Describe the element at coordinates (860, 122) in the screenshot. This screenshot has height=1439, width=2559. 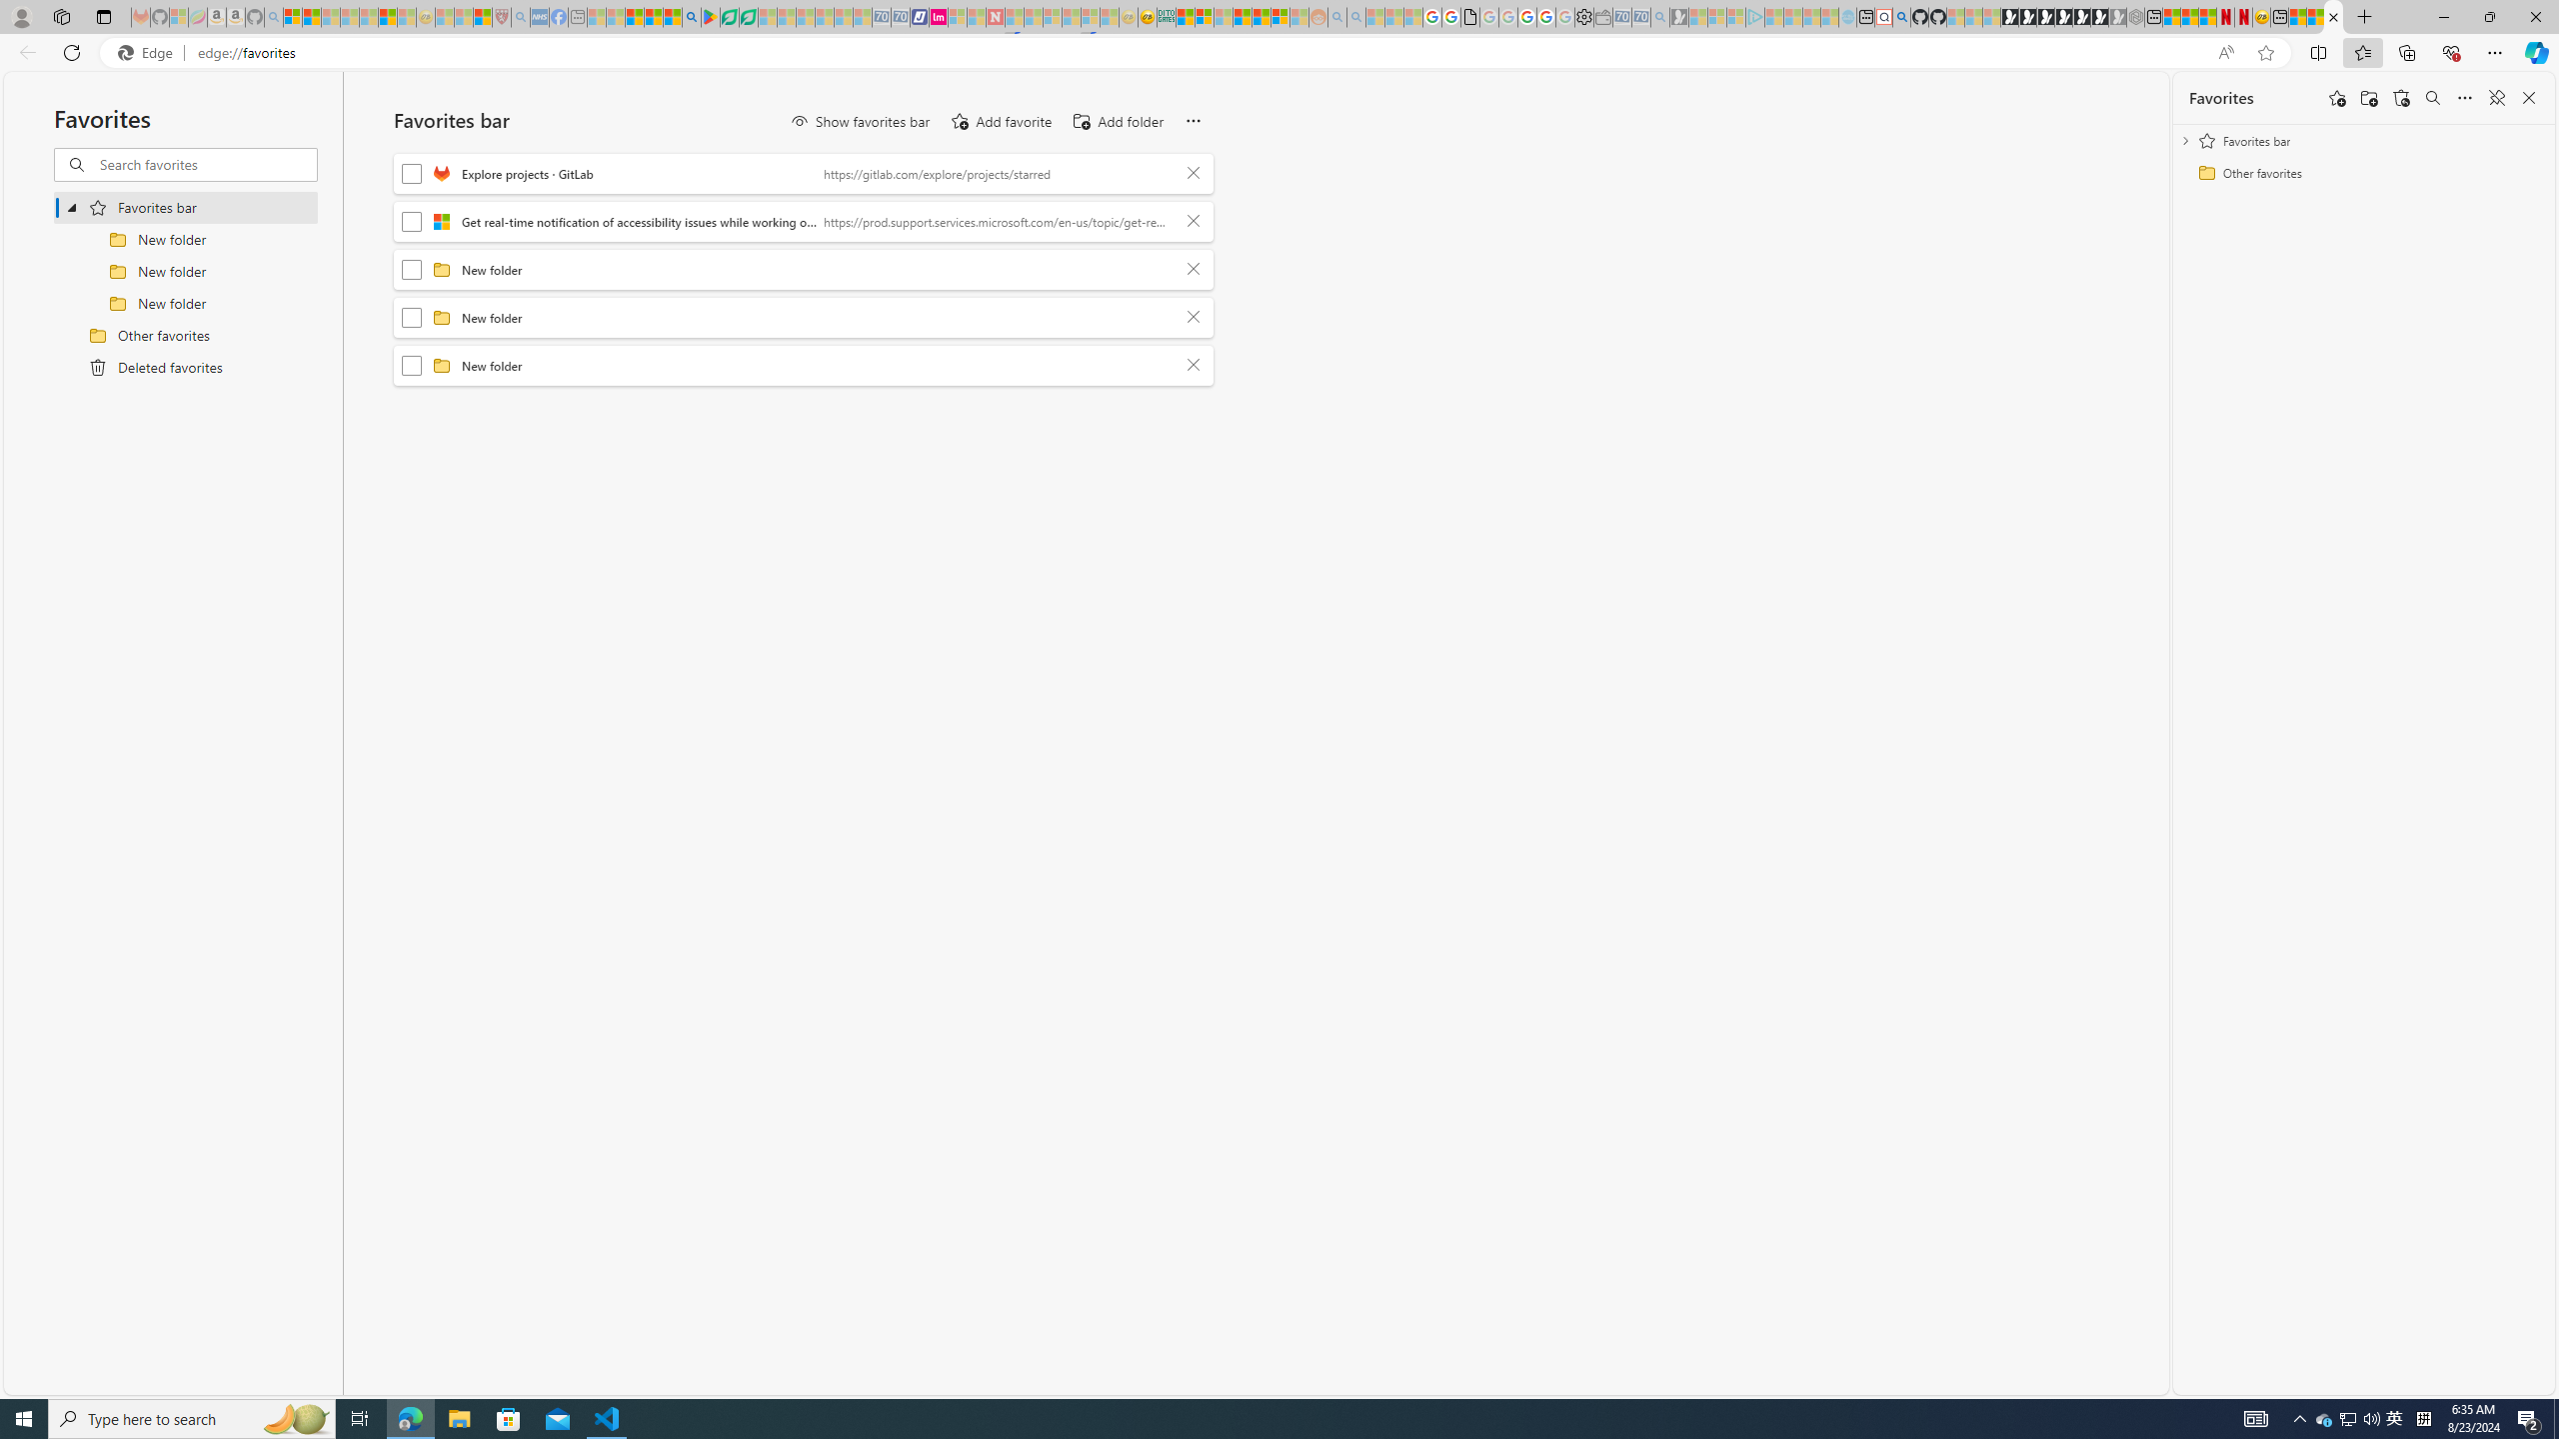
I see `'Show favorites bar'` at that location.